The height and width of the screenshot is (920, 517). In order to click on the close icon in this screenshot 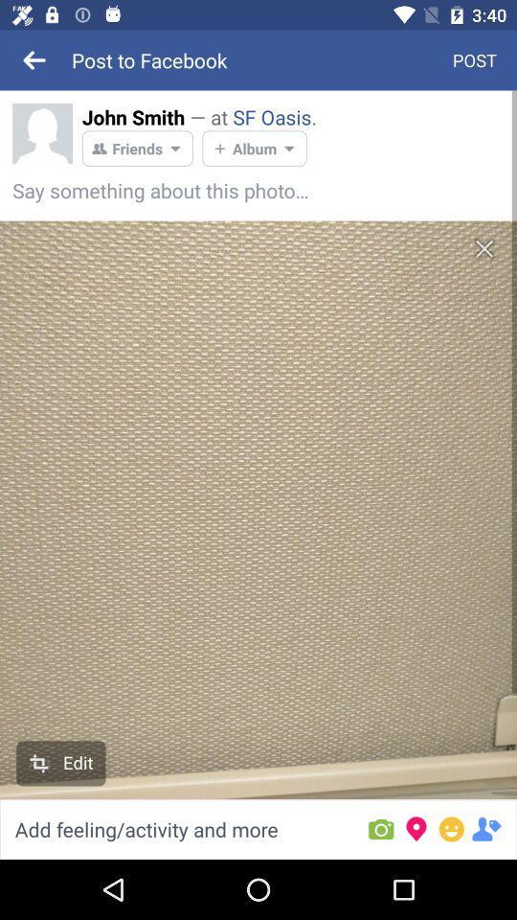, I will do `click(483, 248)`.